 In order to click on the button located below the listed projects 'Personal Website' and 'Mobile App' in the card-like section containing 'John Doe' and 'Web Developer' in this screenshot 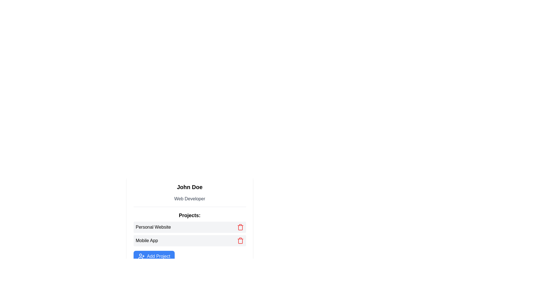, I will do `click(154, 256)`.